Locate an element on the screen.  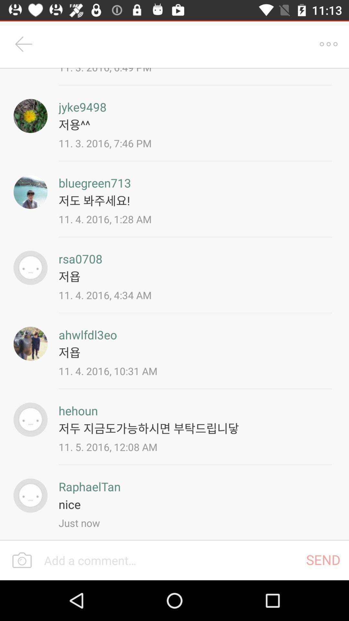
see profile is located at coordinates (30, 116).